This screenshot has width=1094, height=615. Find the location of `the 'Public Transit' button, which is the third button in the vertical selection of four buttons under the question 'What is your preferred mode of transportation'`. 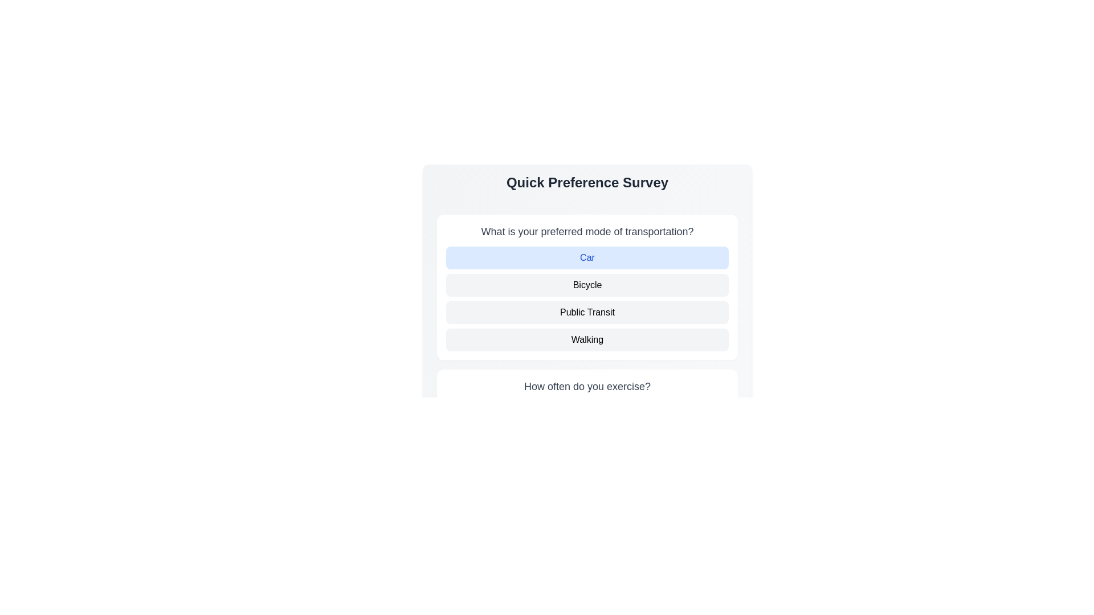

the 'Public Transit' button, which is the third button in the vertical selection of four buttons under the question 'What is your preferred mode of transportation' is located at coordinates (587, 312).